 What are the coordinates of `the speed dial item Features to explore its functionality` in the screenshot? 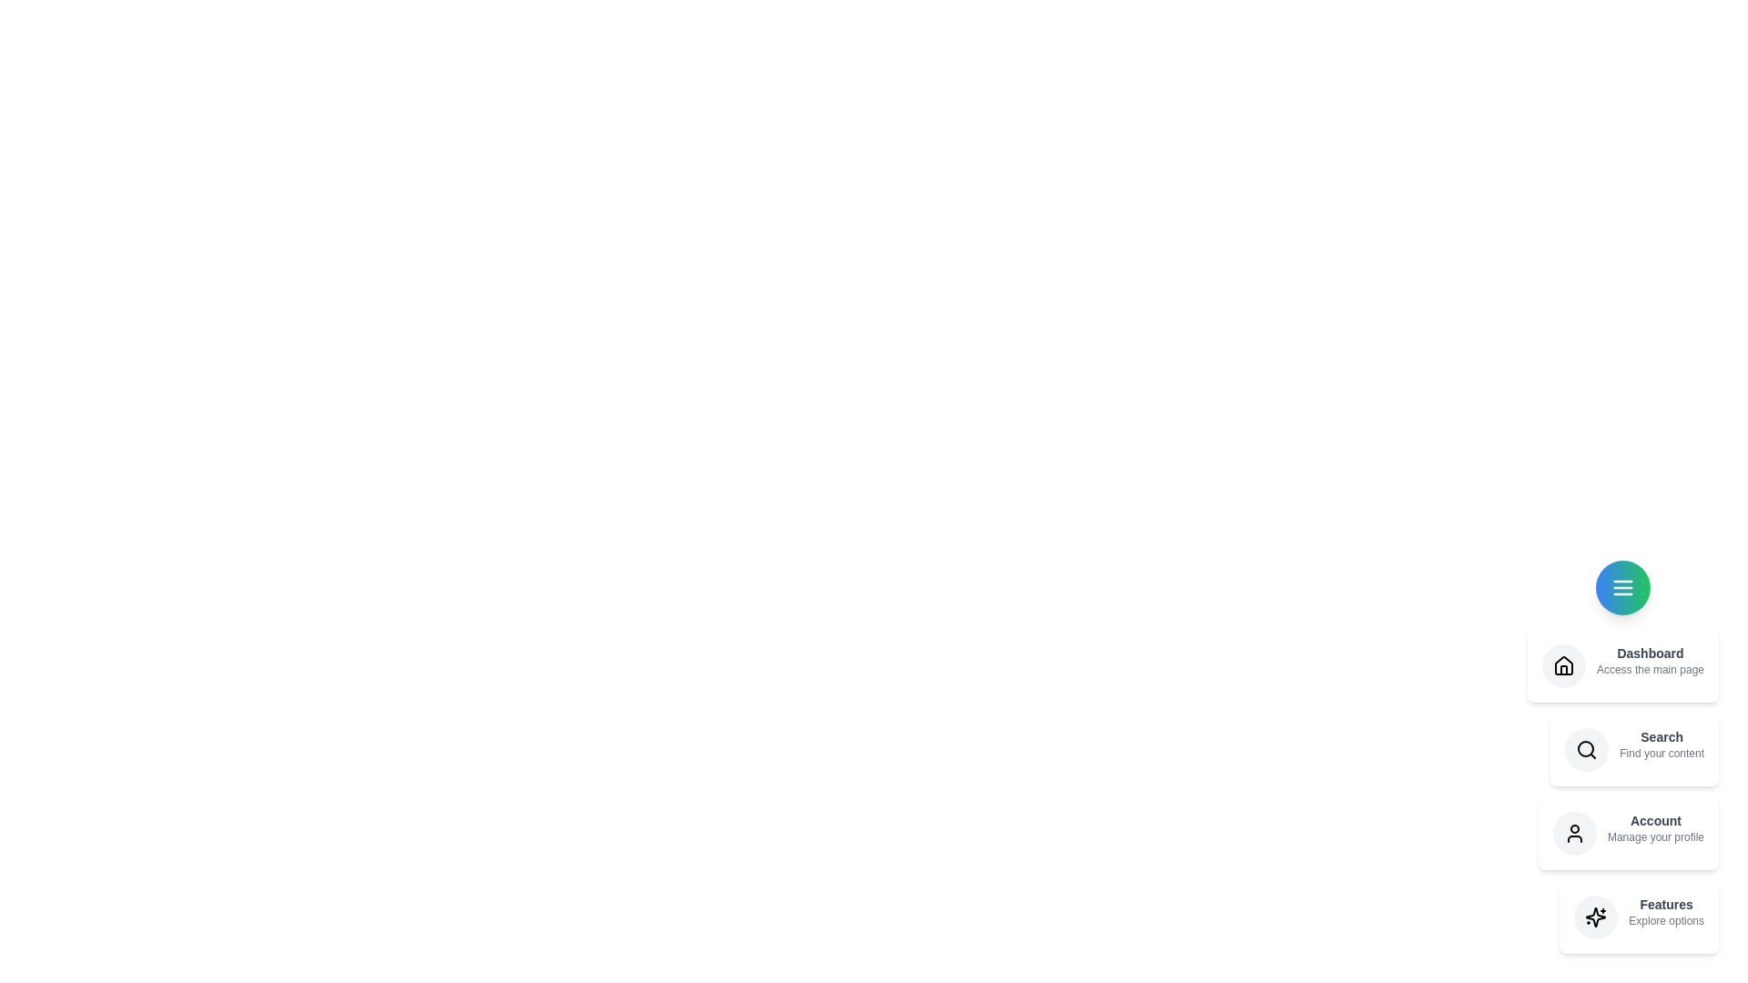 It's located at (1639, 917).